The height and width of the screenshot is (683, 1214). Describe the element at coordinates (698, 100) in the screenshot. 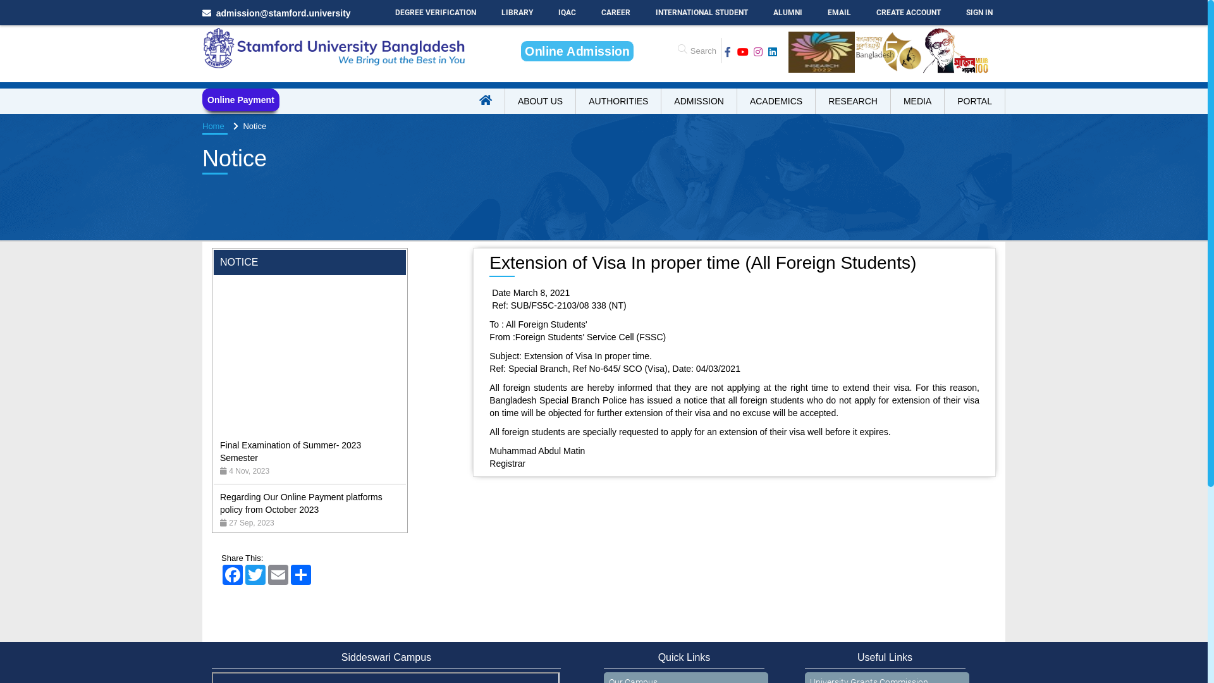

I see `'ADMISSION'` at that location.